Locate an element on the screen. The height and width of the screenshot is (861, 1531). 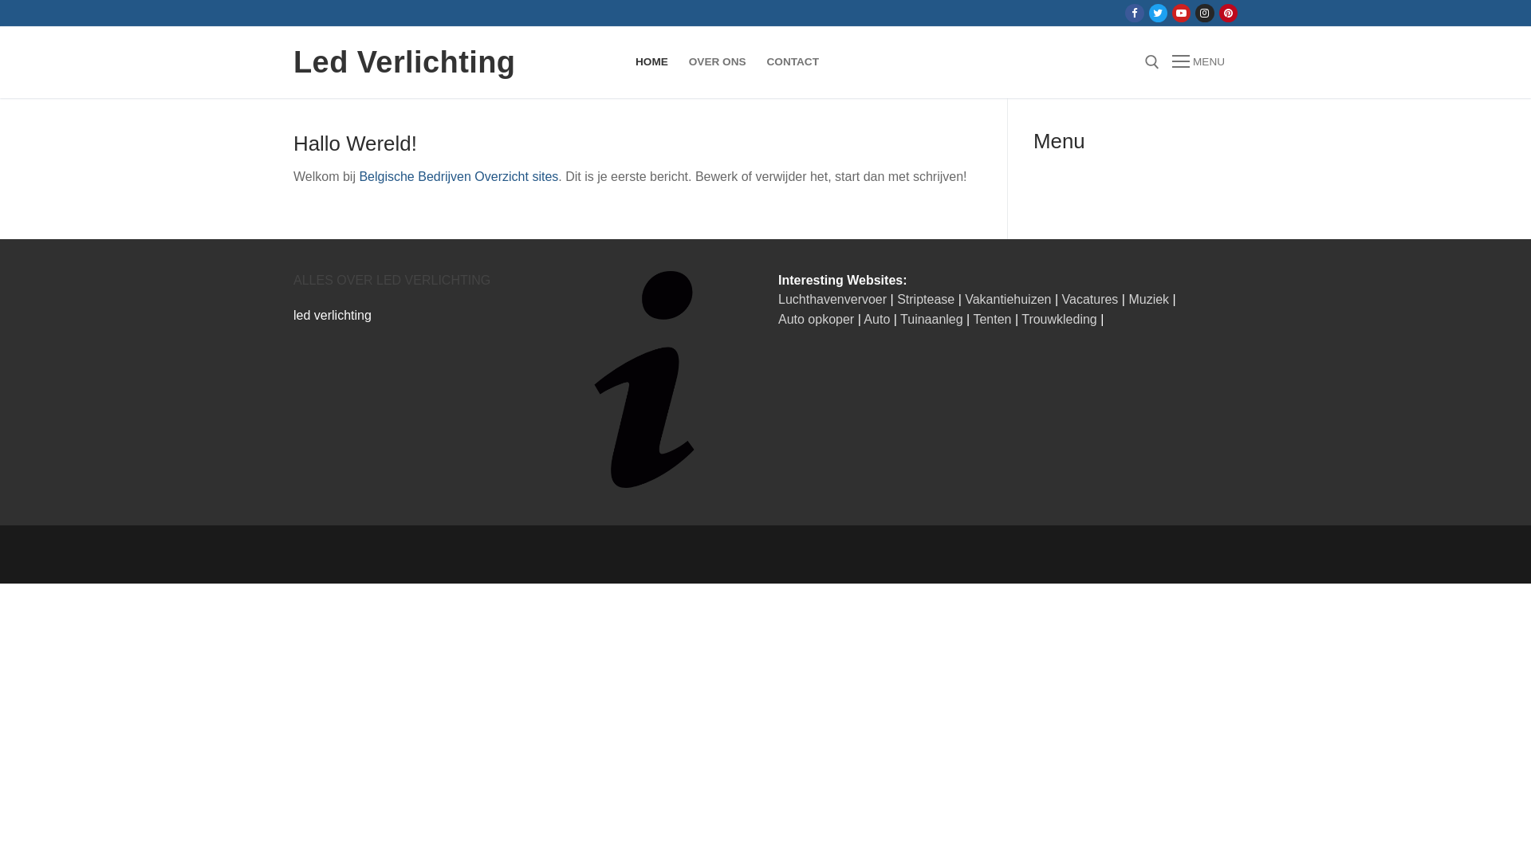
'Doorgaan naar inhoud' is located at coordinates (0, 0).